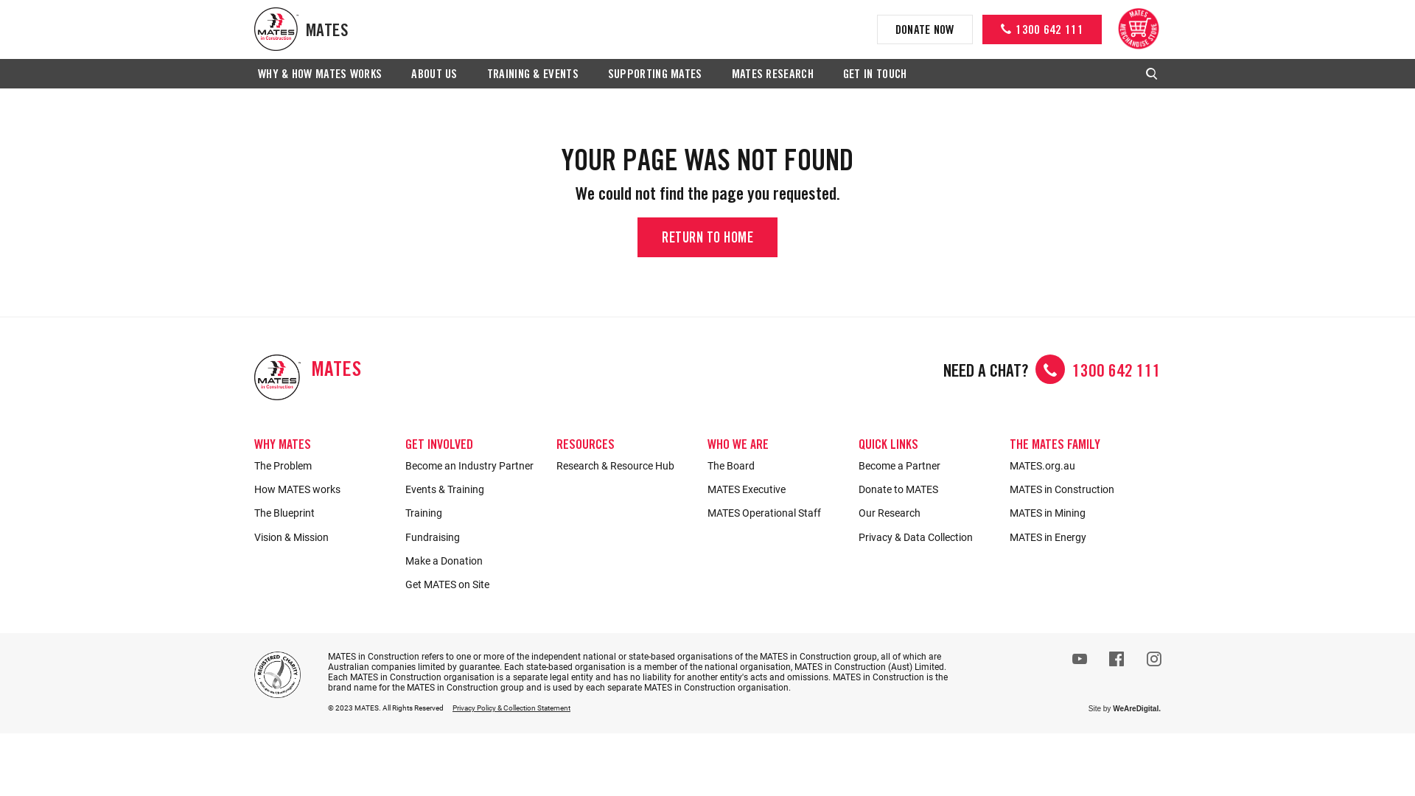 Image resolution: width=1415 pixels, height=796 pixels. I want to click on '1300 642 111', so click(1041, 29).